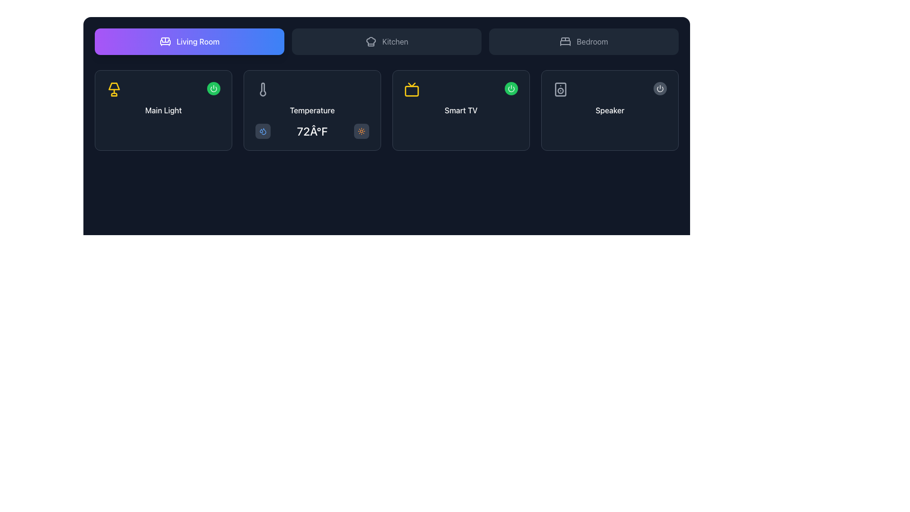 This screenshot has width=910, height=512. I want to click on the power toggle button located at the bottom right of the 'Speaker' card, so click(659, 88).